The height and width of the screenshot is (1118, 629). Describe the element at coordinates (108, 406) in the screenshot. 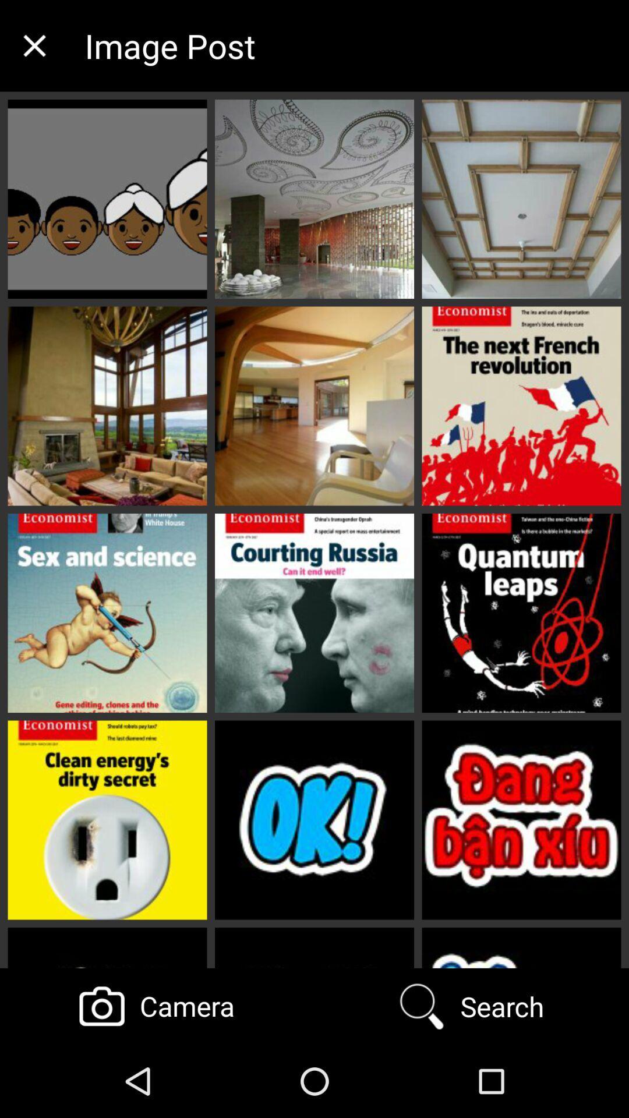

I see `the 2nd image below the close button on the web page` at that location.